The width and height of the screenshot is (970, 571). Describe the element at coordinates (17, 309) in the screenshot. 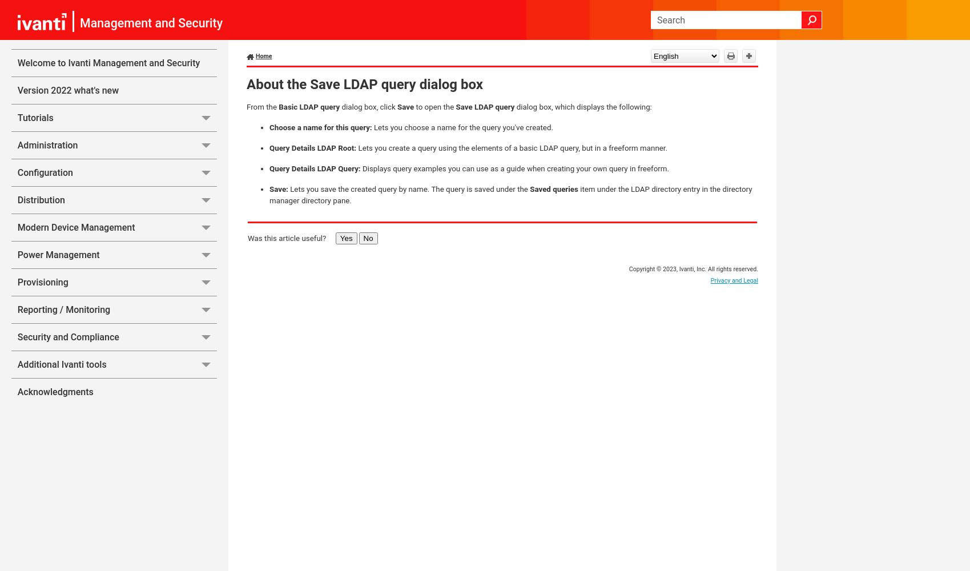

I see `'Reporting / Monitoring'` at that location.